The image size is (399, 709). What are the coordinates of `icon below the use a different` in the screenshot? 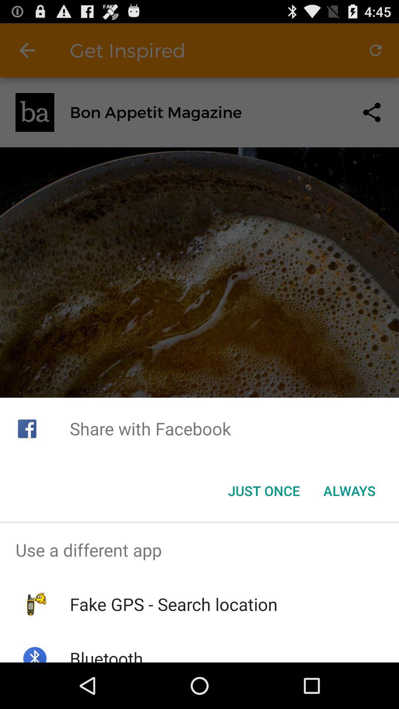 It's located at (174, 604).